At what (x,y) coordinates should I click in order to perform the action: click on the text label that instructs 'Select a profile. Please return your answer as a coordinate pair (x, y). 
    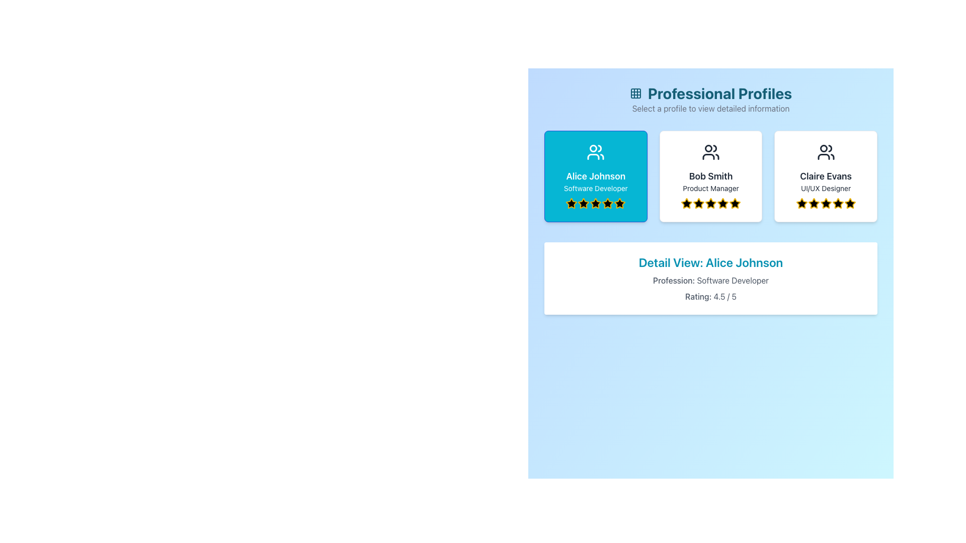
    Looking at the image, I should click on (710, 109).